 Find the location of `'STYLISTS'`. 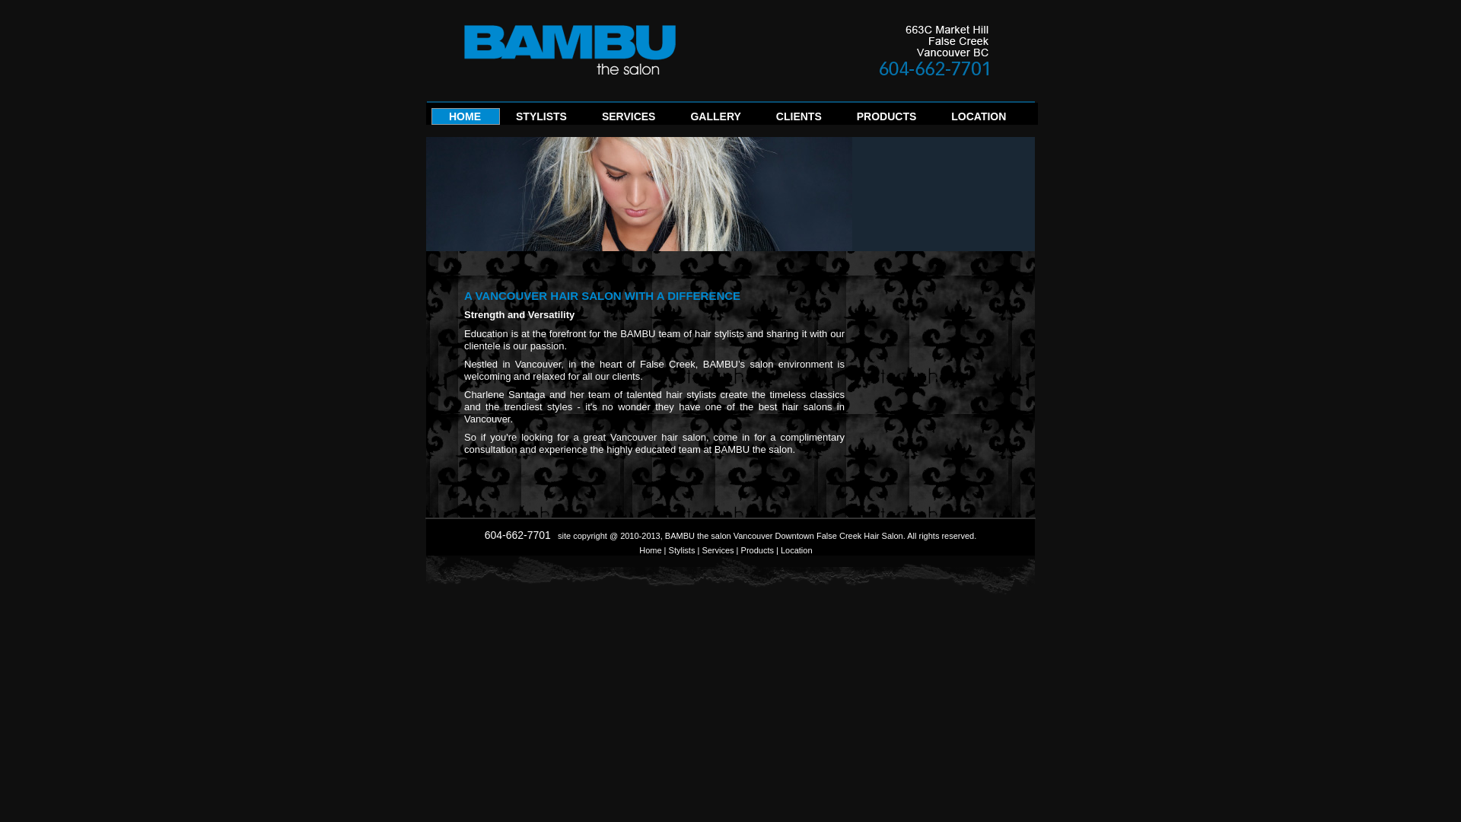

'STYLISTS' is located at coordinates (541, 120).